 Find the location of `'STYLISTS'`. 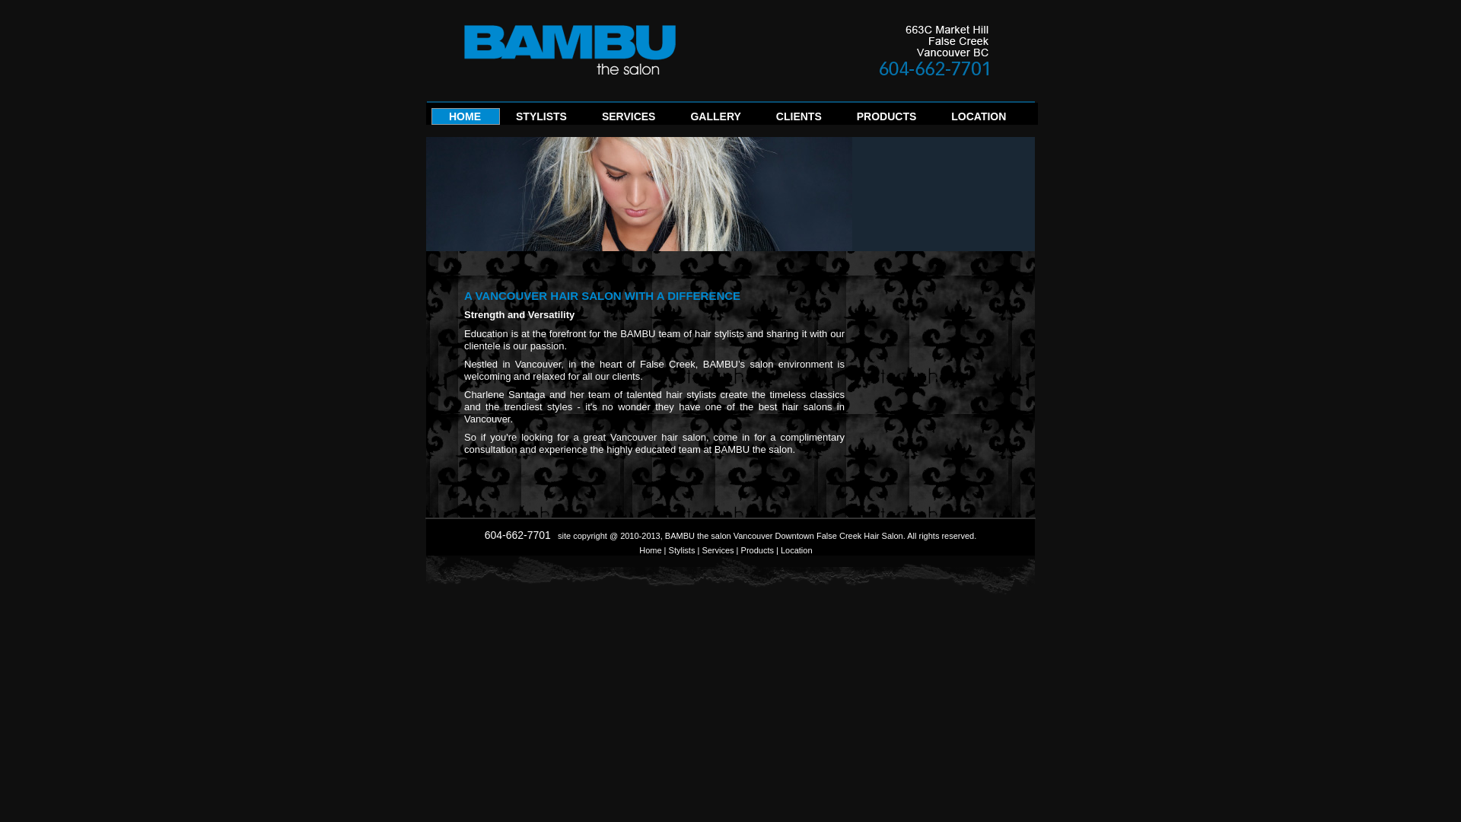

'STYLISTS' is located at coordinates (541, 120).